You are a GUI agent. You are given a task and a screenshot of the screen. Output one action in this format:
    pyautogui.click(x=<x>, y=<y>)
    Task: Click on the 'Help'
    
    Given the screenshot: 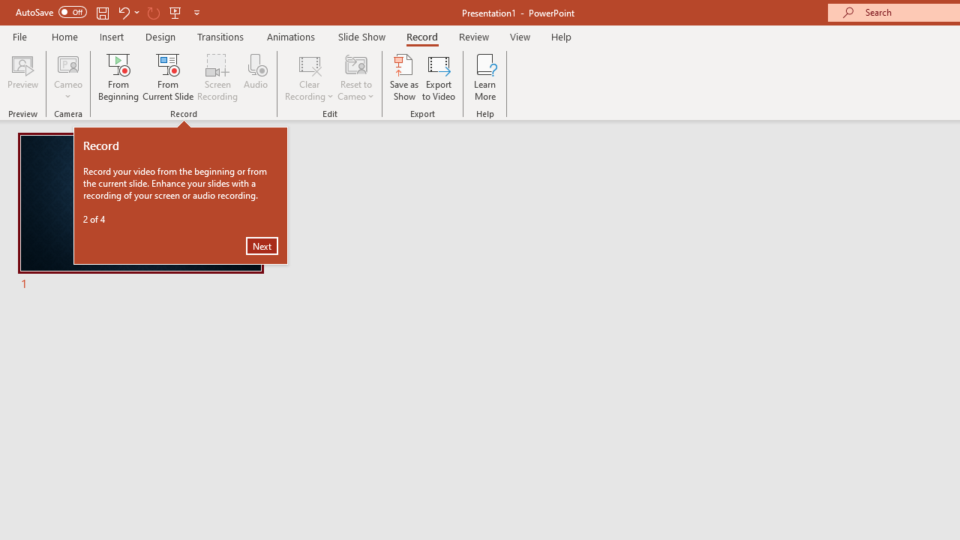 What is the action you would take?
    pyautogui.click(x=560, y=36)
    